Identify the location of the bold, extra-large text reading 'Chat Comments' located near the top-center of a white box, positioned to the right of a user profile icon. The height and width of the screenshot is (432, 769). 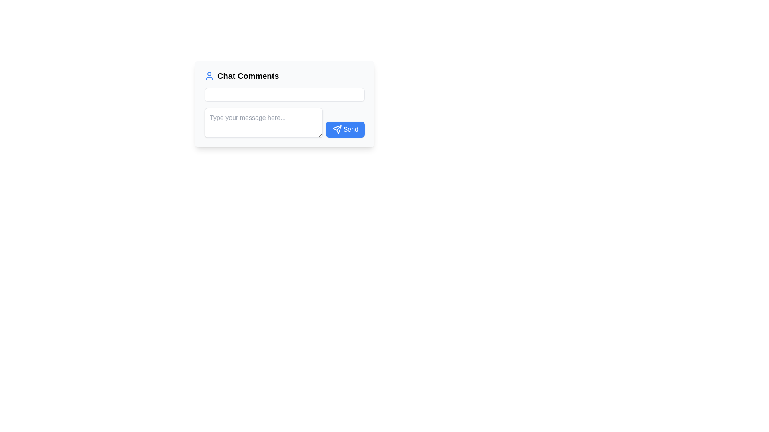
(248, 76).